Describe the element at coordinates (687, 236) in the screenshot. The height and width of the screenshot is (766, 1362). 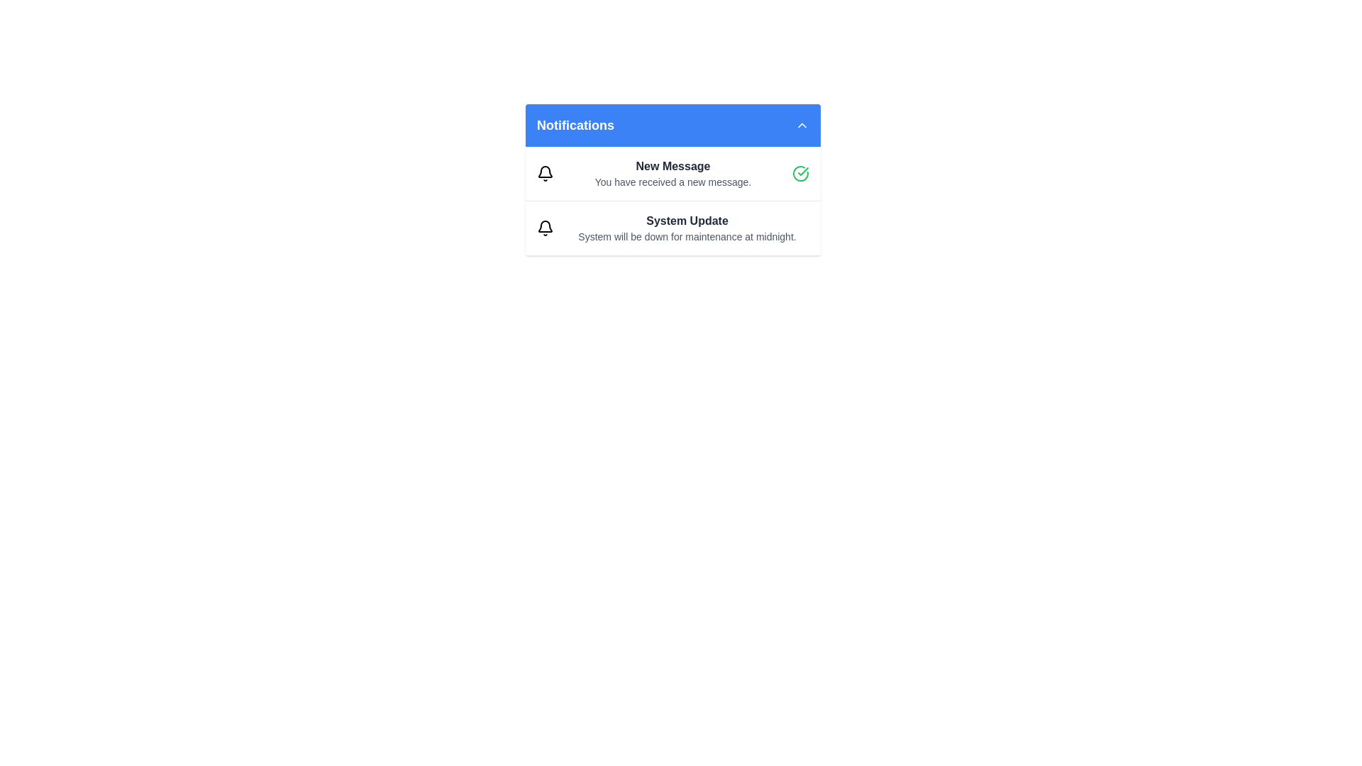
I see `informational message located directly below the bold text 'System Update' in the notifications panel` at that location.